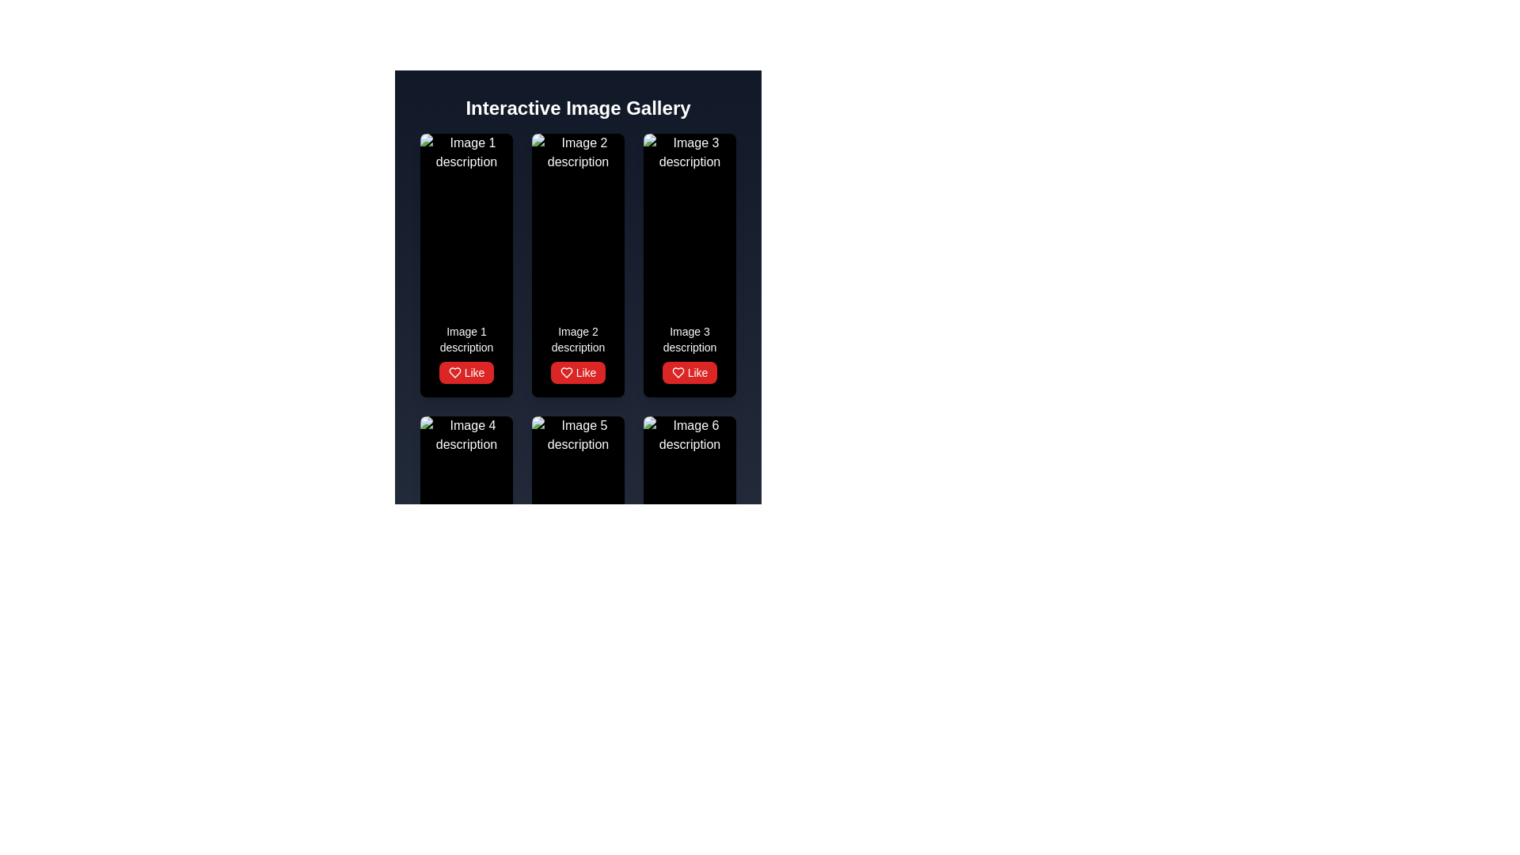  What do you see at coordinates (690, 353) in the screenshot?
I see `the 'Like' button located at the bottom of the card section for 'Image 3', which is styled with a red background and a white heart icon` at bounding box center [690, 353].